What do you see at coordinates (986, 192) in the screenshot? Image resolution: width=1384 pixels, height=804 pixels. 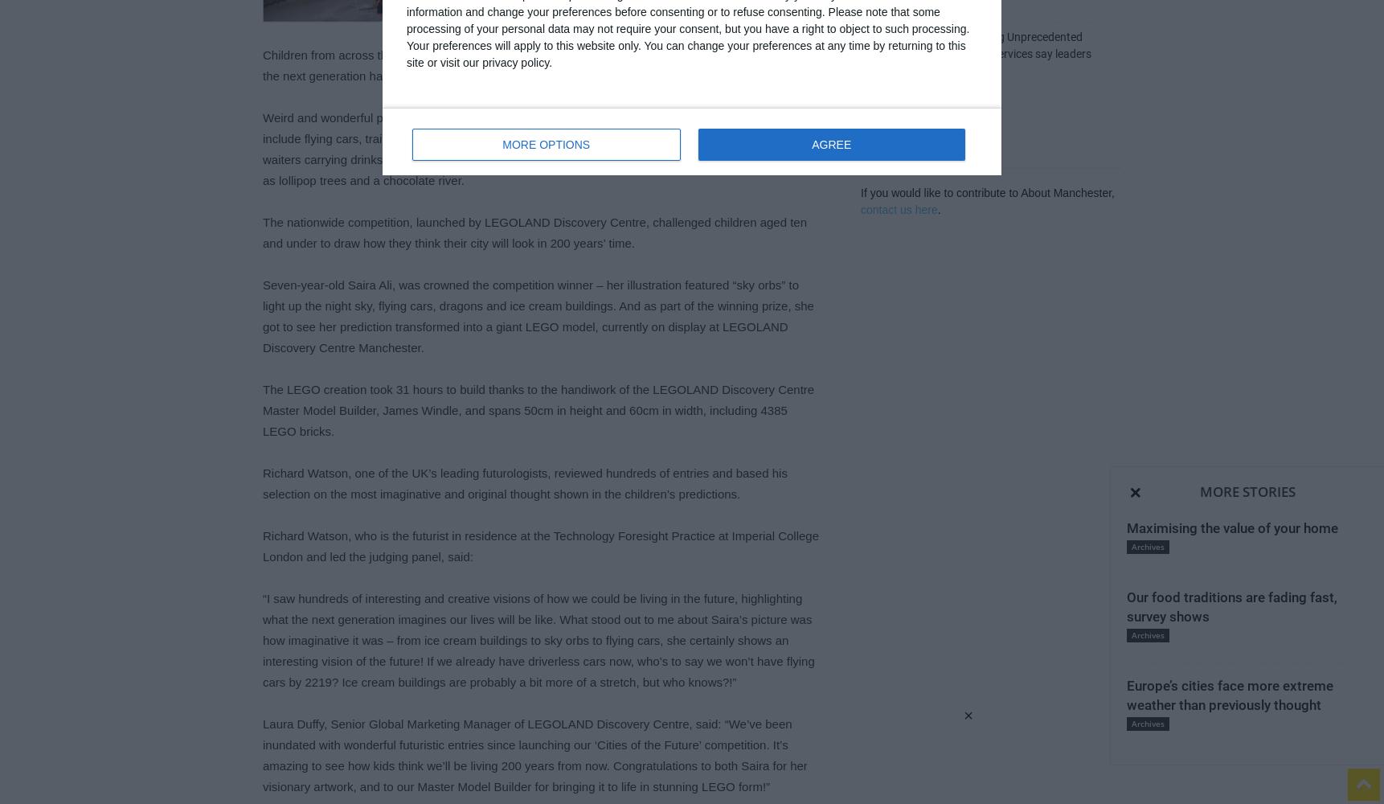 I see `'If you would like to contribute to About Manchester,'` at bounding box center [986, 192].